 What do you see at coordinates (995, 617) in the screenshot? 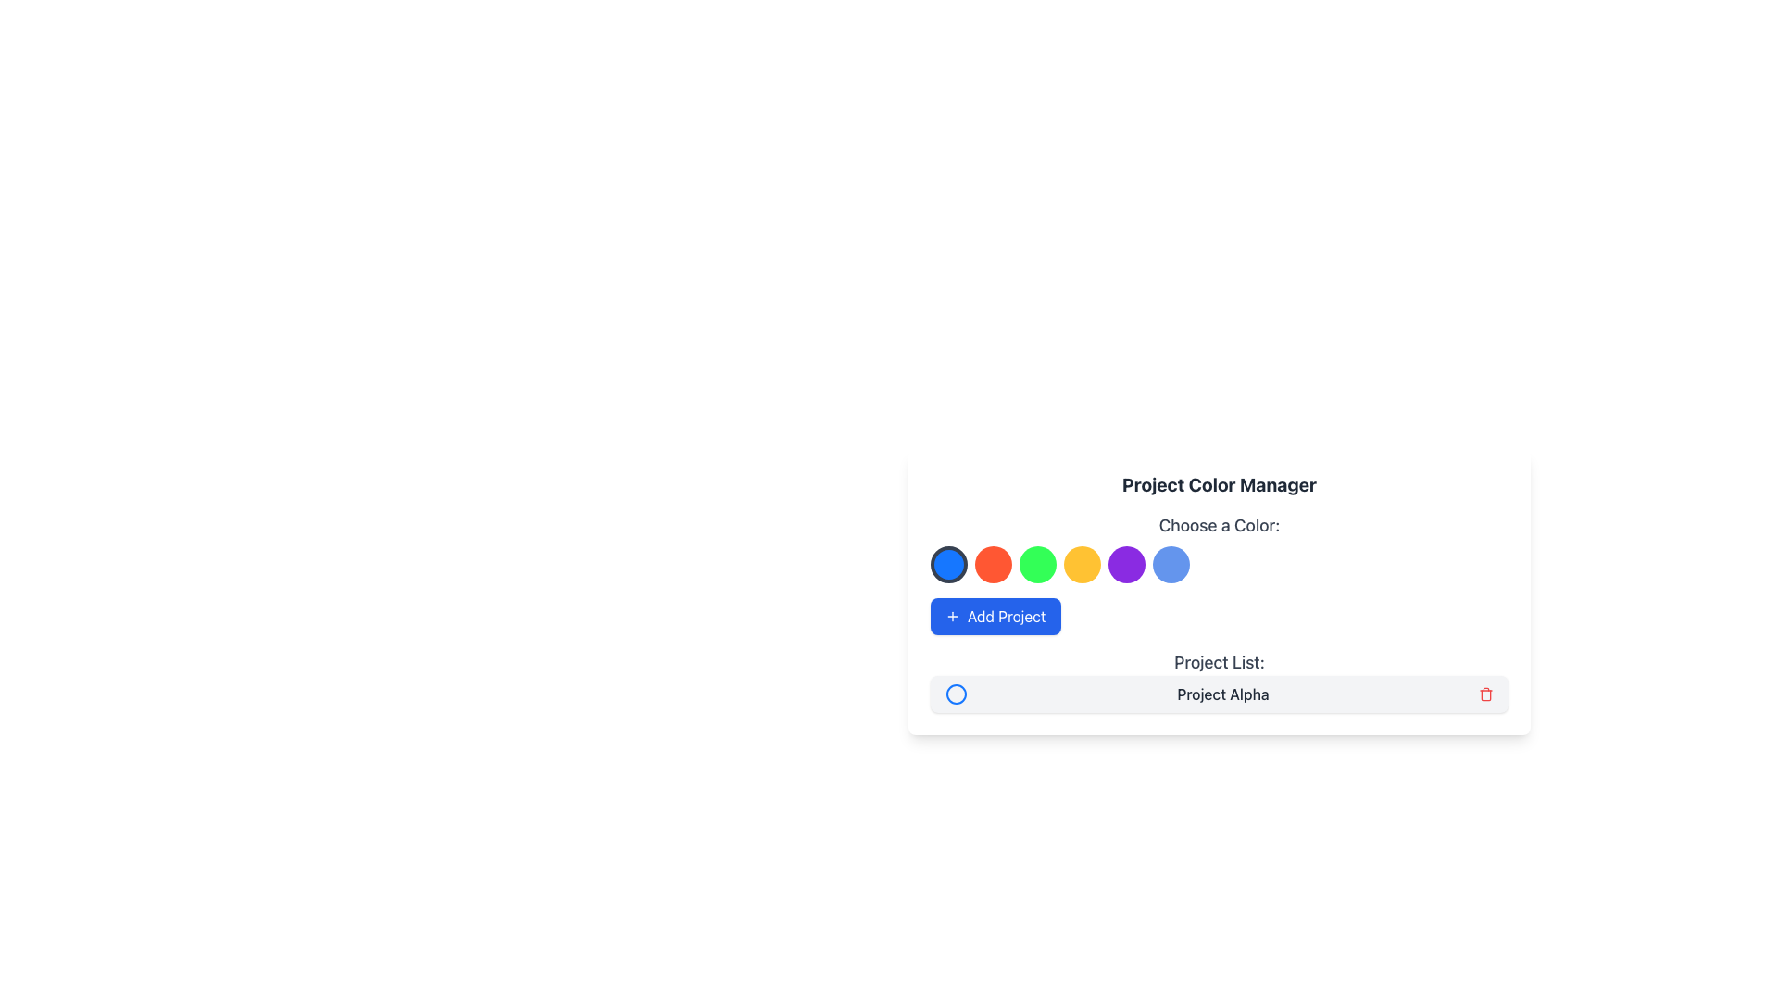
I see `the 'Add Project' button, which is a rectangular button with white text on a blue background and a white plus symbol, to change its style` at bounding box center [995, 617].